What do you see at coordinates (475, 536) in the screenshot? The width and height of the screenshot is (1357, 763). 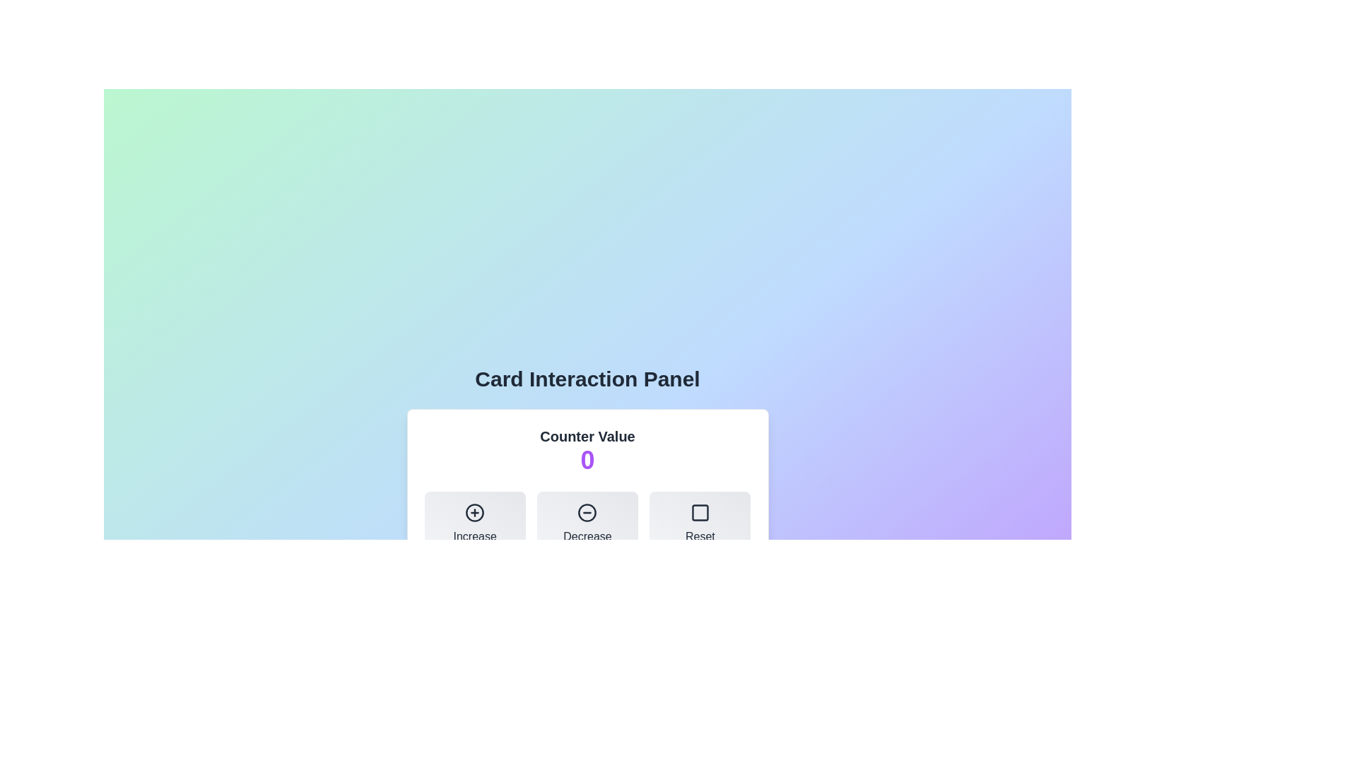 I see `the text label indicating the functionality related to increasing a value, located under the circular '+' icon of the first button in a row of three buttons` at bounding box center [475, 536].